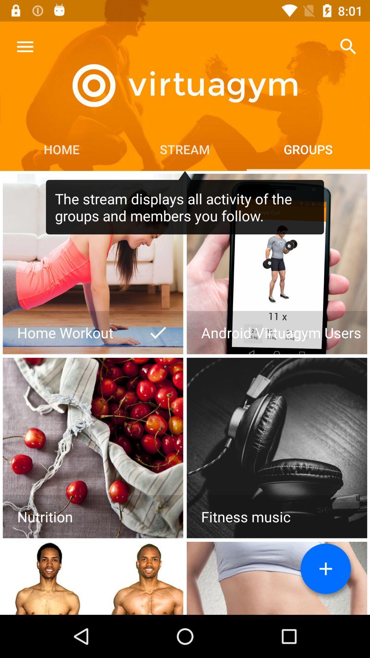  Describe the element at coordinates (325, 569) in the screenshot. I see `the icon below fitness music icon` at that location.